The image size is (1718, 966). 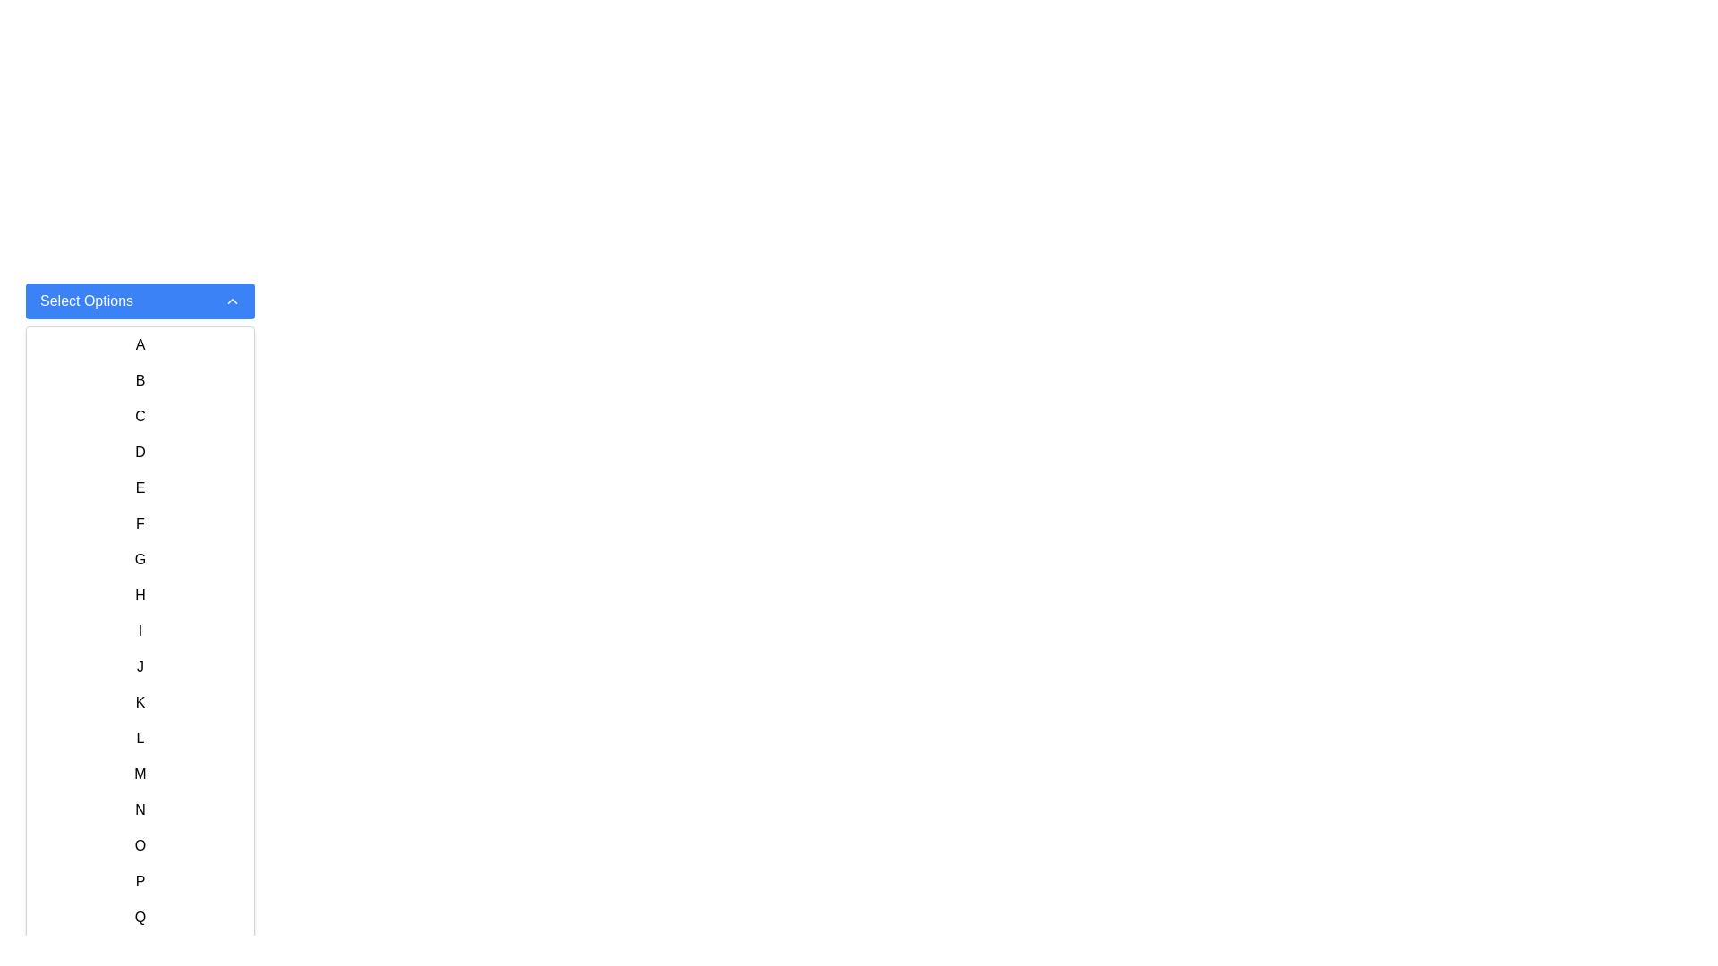 I want to click on the eighth list item in the alphabetical vertical list, positioned between 'G' and 'I', for interaction, so click(x=140, y=596).